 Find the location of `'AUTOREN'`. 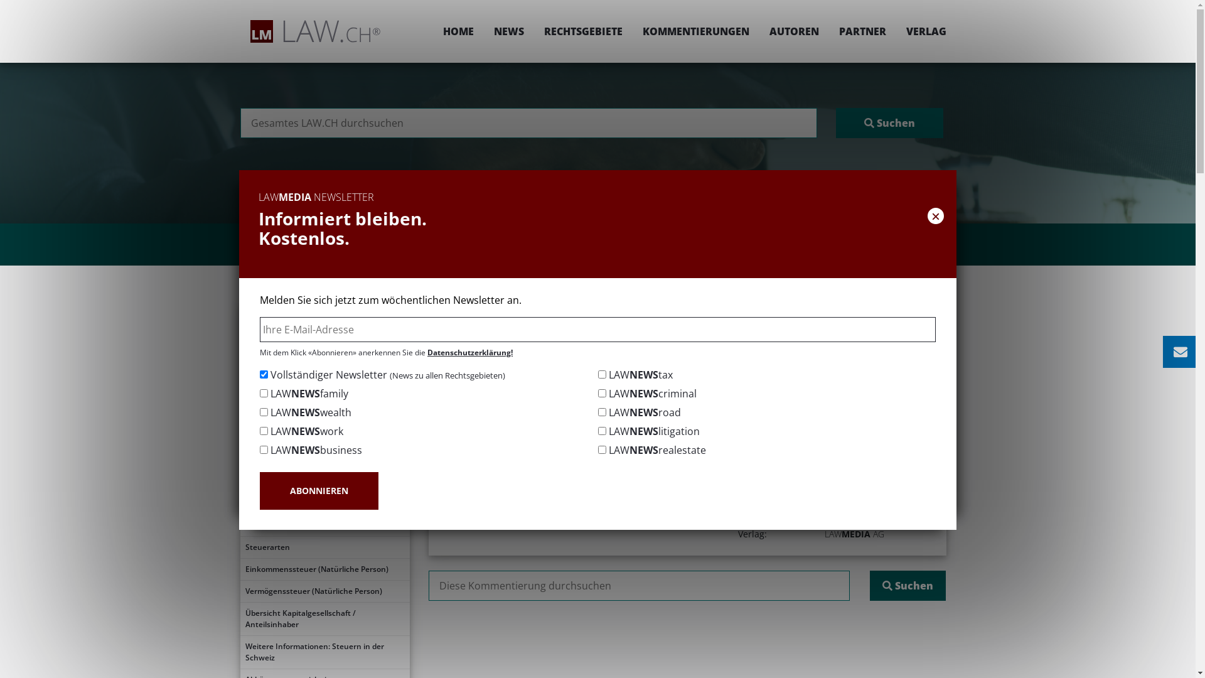

'AUTOREN' is located at coordinates (793, 31).